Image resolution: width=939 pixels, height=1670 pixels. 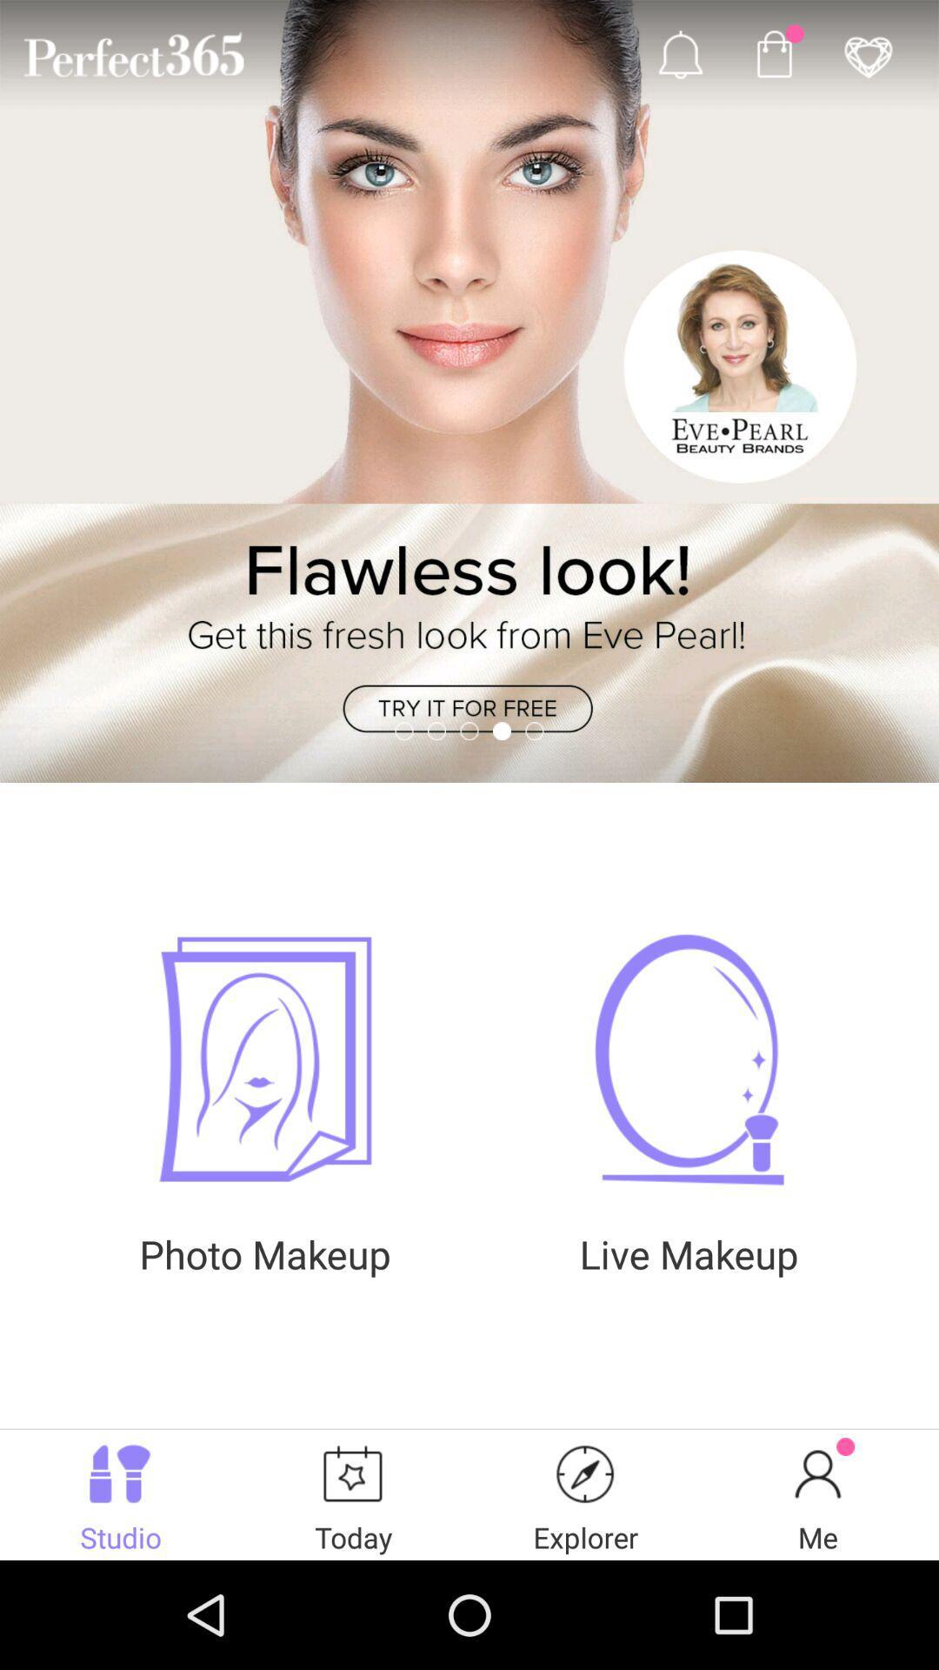 What do you see at coordinates (586, 1473) in the screenshot?
I see `the icon for explorer option` at bounding box center [586, 1473].